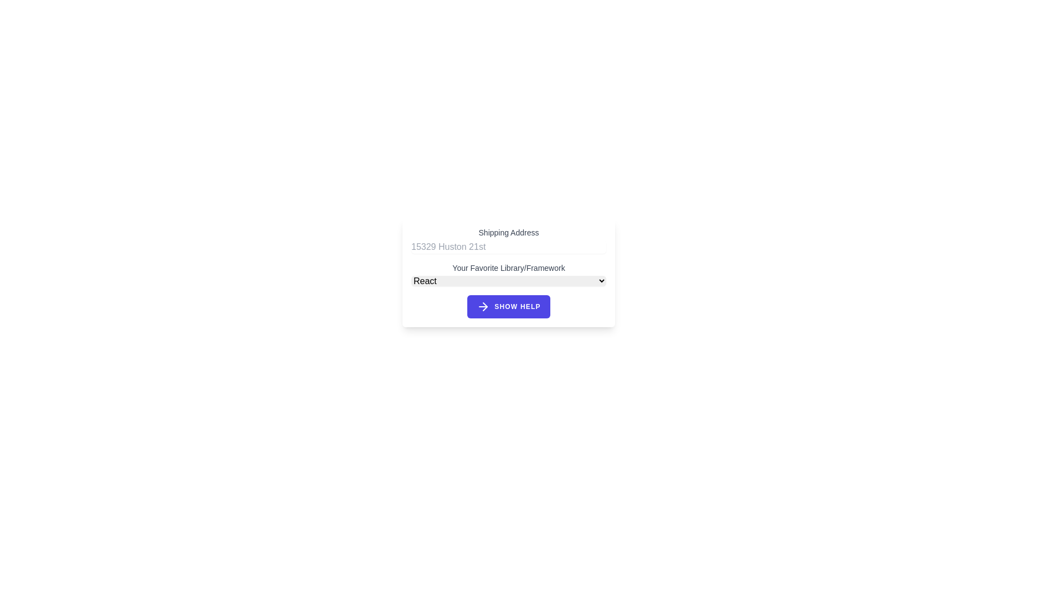 The height and width of the screenshot is (597, 1063). What do you see at coordinates (508, 274) in the screenshot?
I see `the dropdown menu for selecting the favorite library or framework located beneath the label 'Your Favorite Library/Framework'` at bounding box center [508, 274].